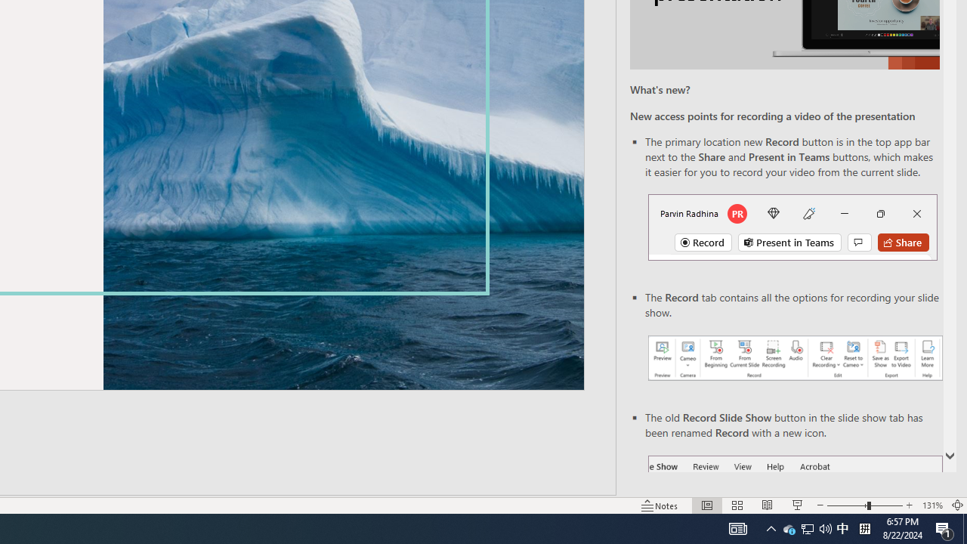 The image size is (967, 544). Describe the element at coordinates (767, 505) in the screenshot. I see `'Reading View'` at that location.